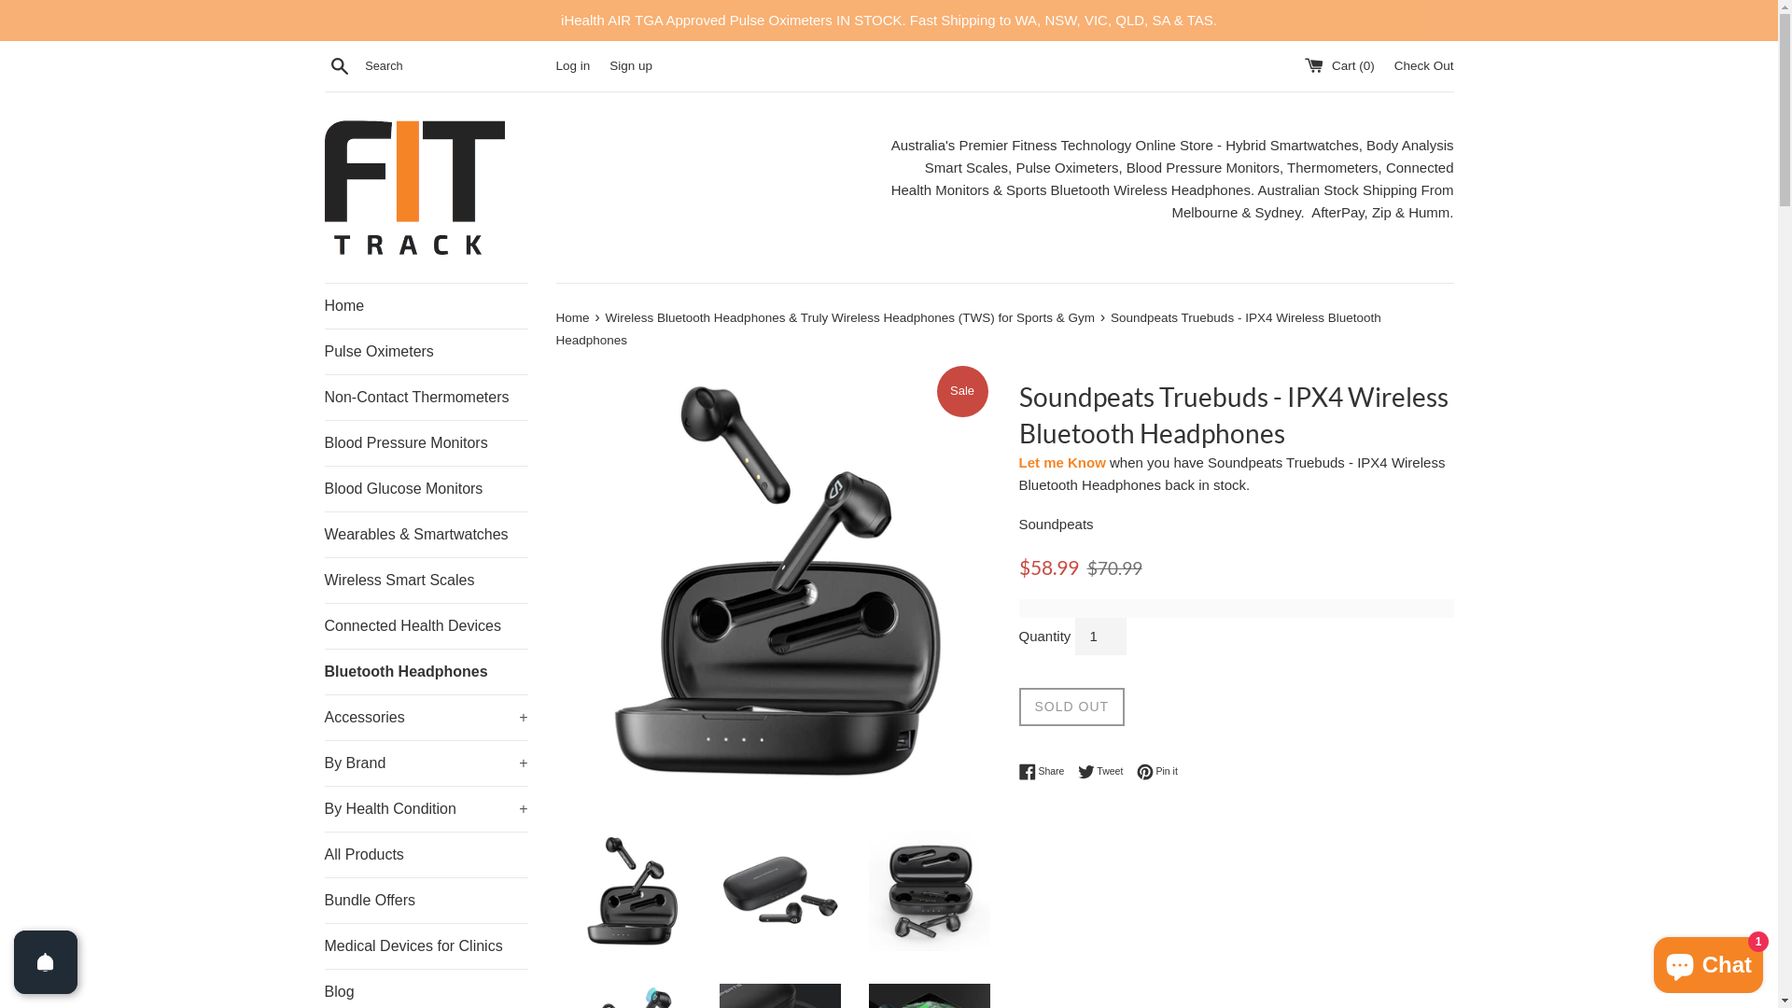 The height and width of the screenshot is (1008, 1792). I want to click on 'All Products', so click(324, 854).